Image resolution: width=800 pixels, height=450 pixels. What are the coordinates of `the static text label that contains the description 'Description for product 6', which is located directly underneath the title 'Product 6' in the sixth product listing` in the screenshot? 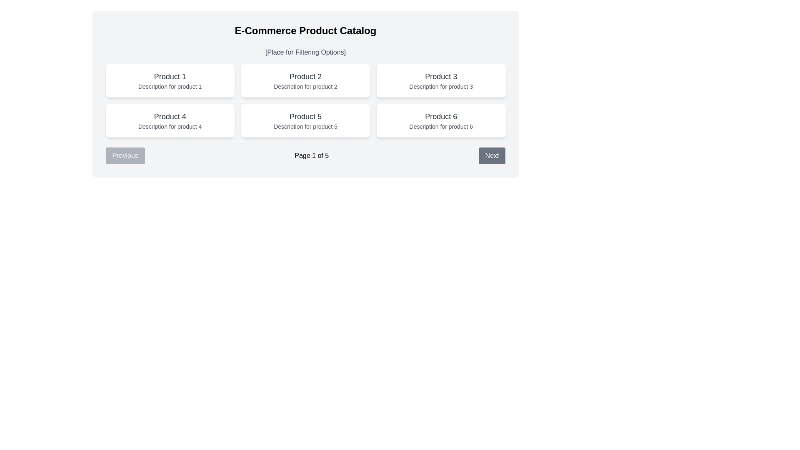 It's located at (440, 127).